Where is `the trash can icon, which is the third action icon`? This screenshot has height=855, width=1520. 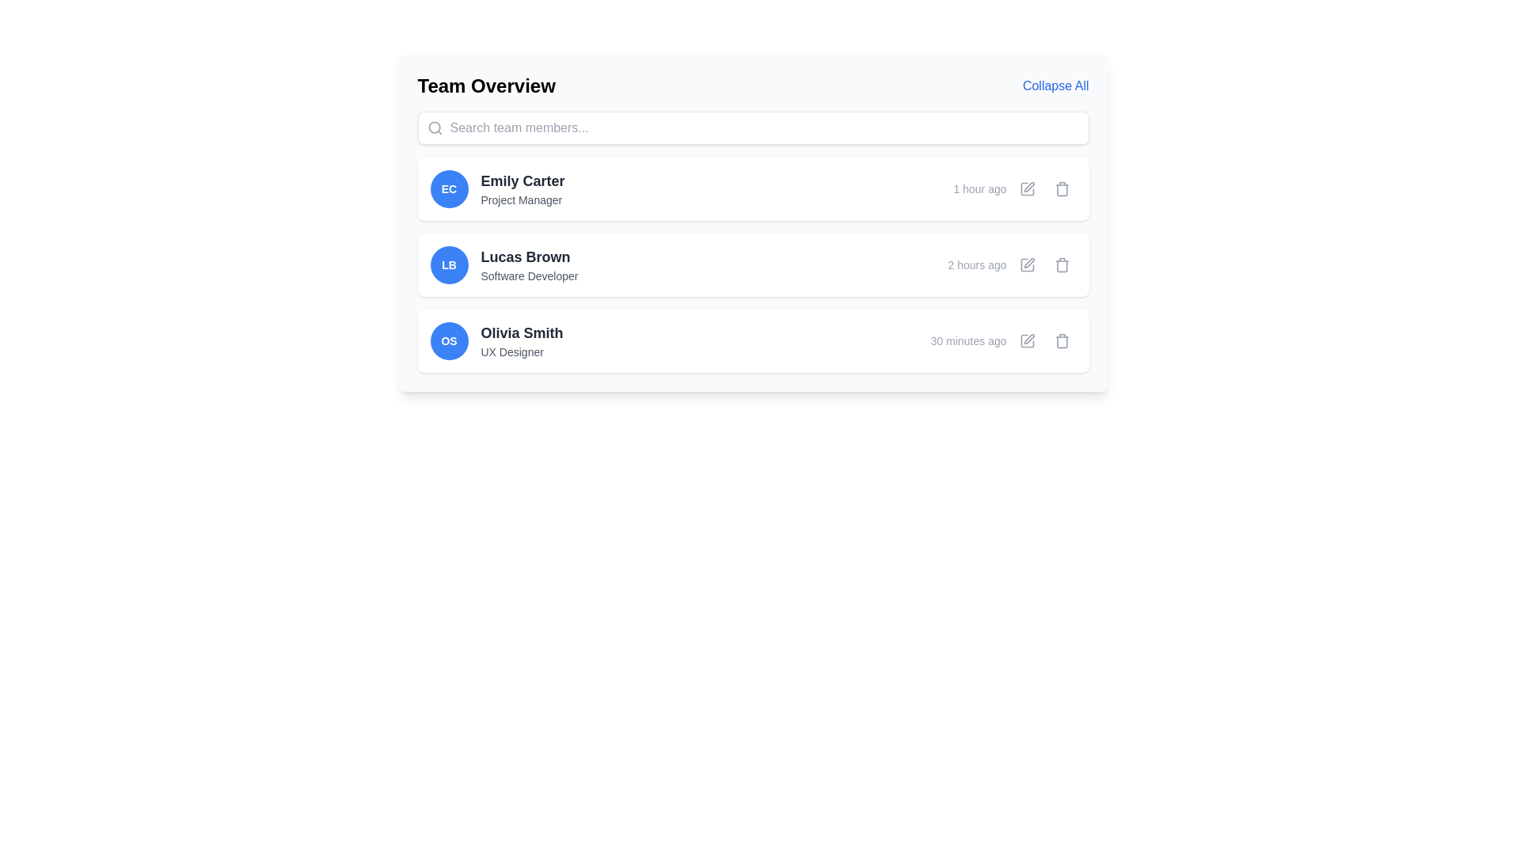
the trash can icon, which is the third action icon is located at coordinates (1062, 340).